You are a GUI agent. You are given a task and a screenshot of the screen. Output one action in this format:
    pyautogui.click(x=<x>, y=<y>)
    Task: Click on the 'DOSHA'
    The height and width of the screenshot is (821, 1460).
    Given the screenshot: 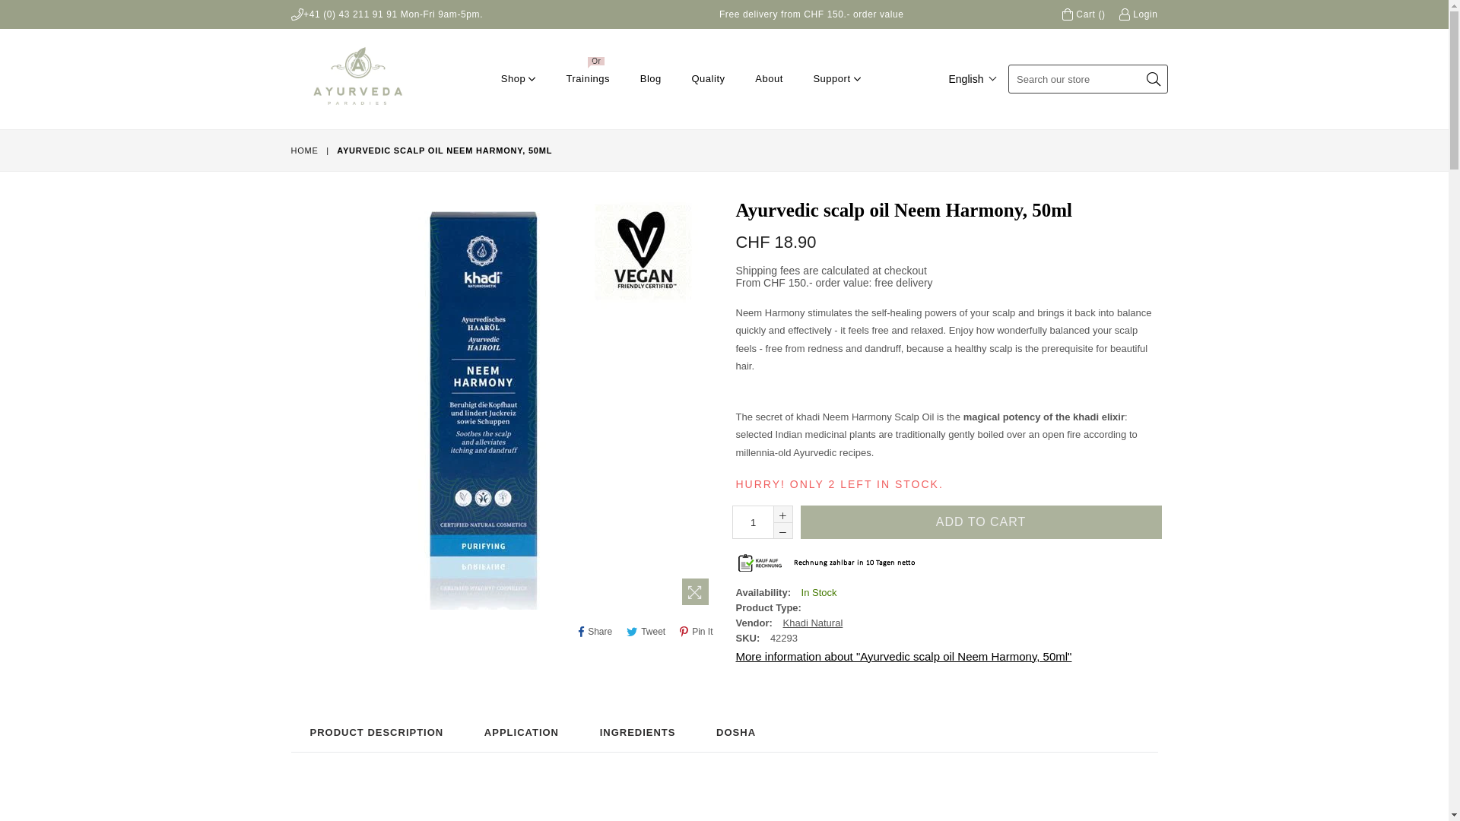 What is the action you would take?
    pyautogui.click(x=736, y=731)
    